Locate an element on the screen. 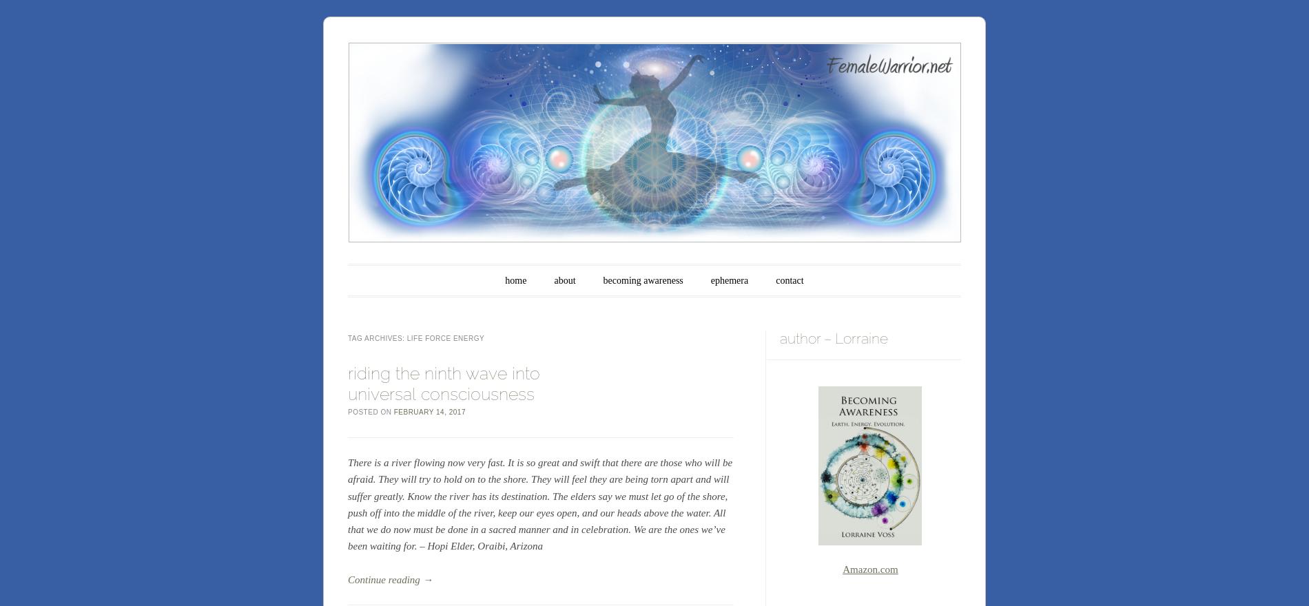 The width and height of the screenshot is (1309, 606). 'Amazon.com' is located at coordinates (869, 567).